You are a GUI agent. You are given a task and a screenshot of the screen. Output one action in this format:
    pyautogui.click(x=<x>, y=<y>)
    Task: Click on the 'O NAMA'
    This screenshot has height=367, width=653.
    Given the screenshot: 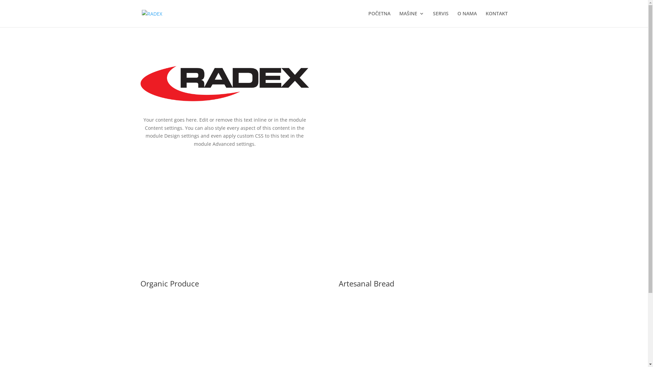 What is the action you would take?
    pyautogui.click(x=466, y=19)
    